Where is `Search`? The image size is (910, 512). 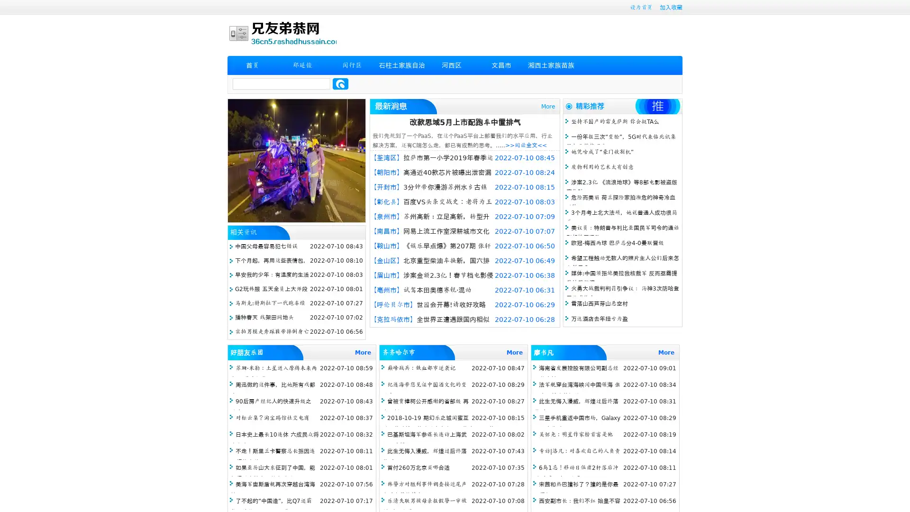 Search is located at coordinates (340, 83).